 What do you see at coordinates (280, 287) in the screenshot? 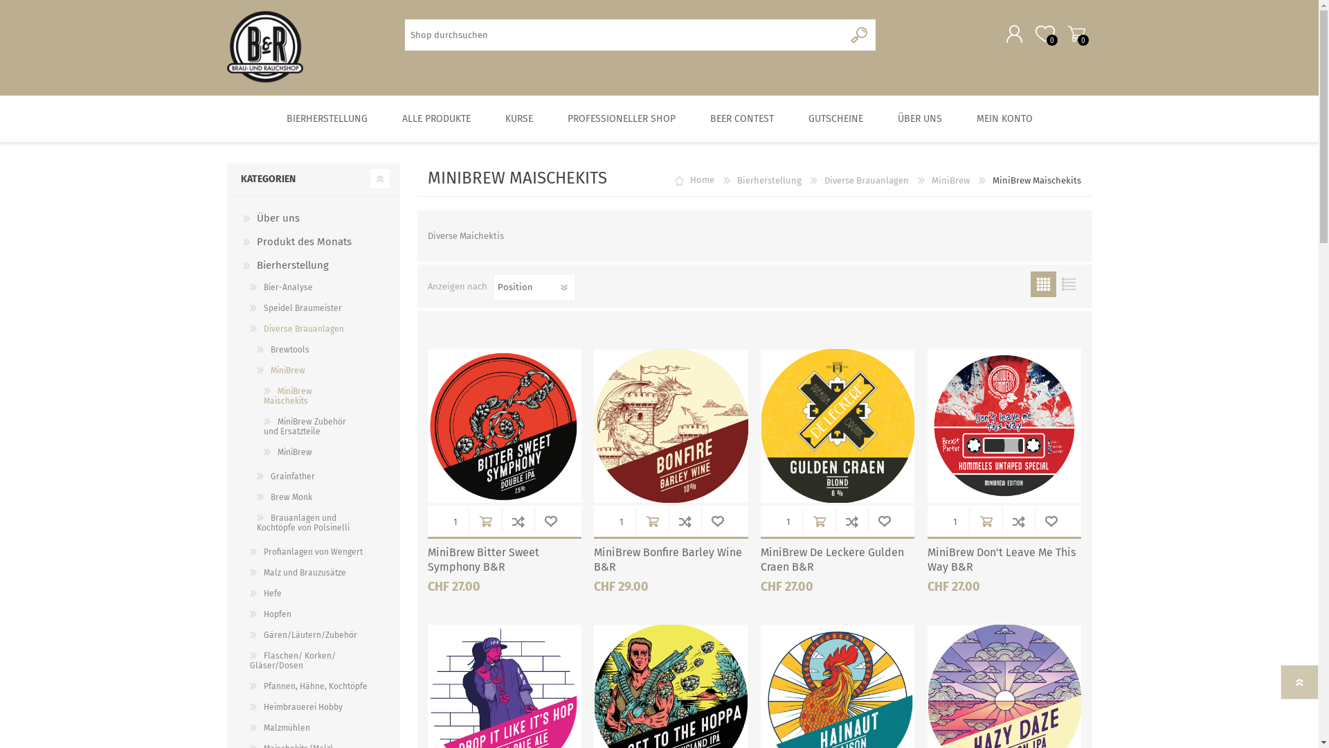
I see `'Bier-Analyse'` at bounding box center [280, 287].